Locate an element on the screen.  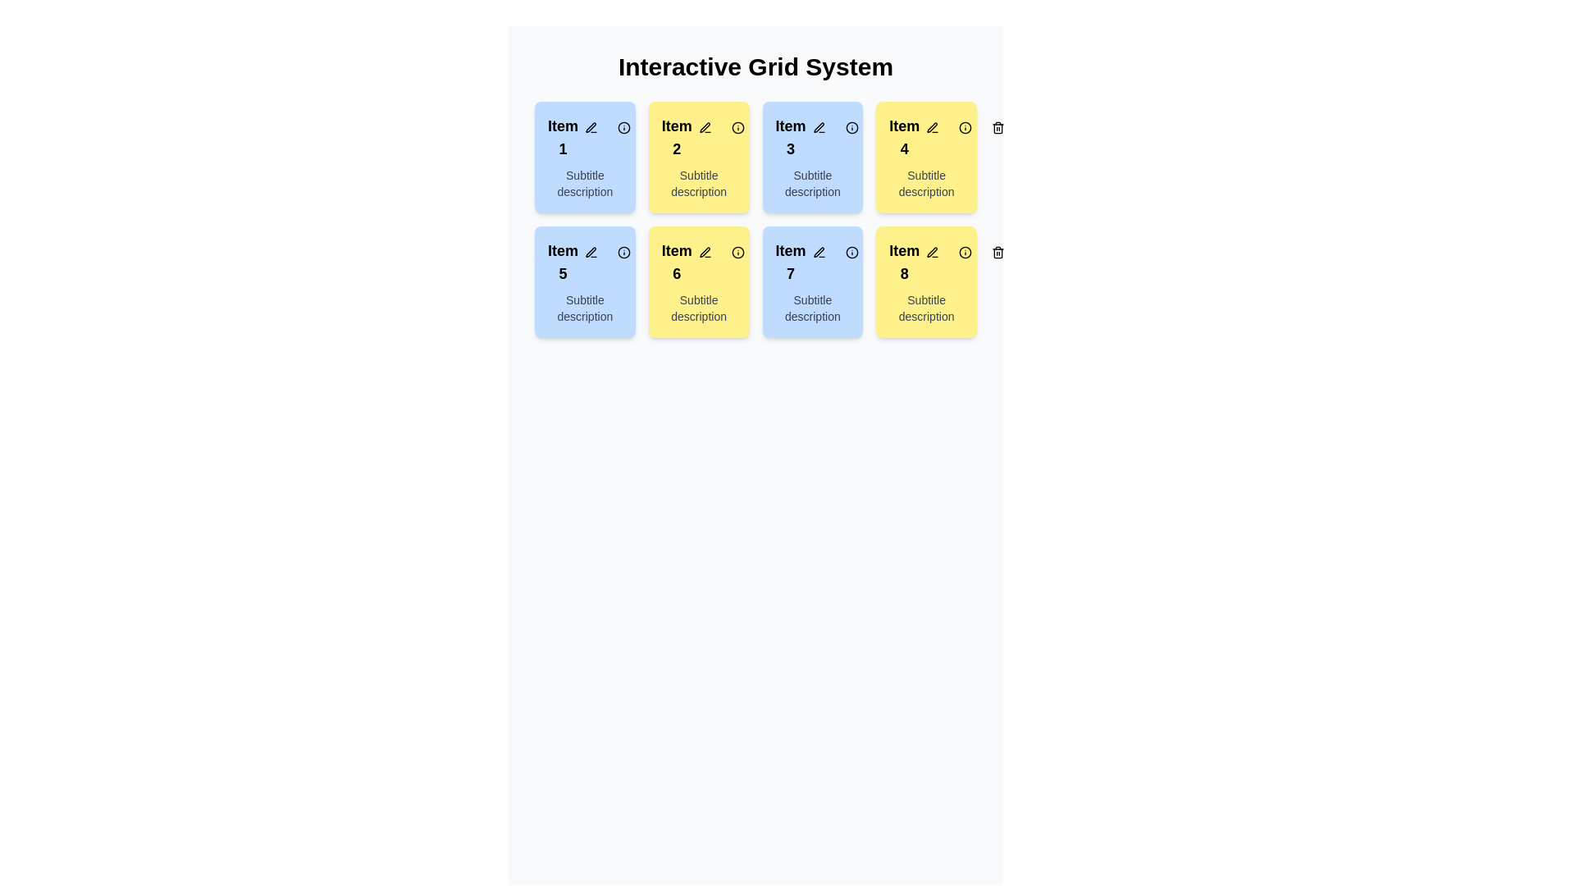
the circular icon button with an information symbol located centrally in the yellow card for 'Item 6' is located at coordinates (737, 253).